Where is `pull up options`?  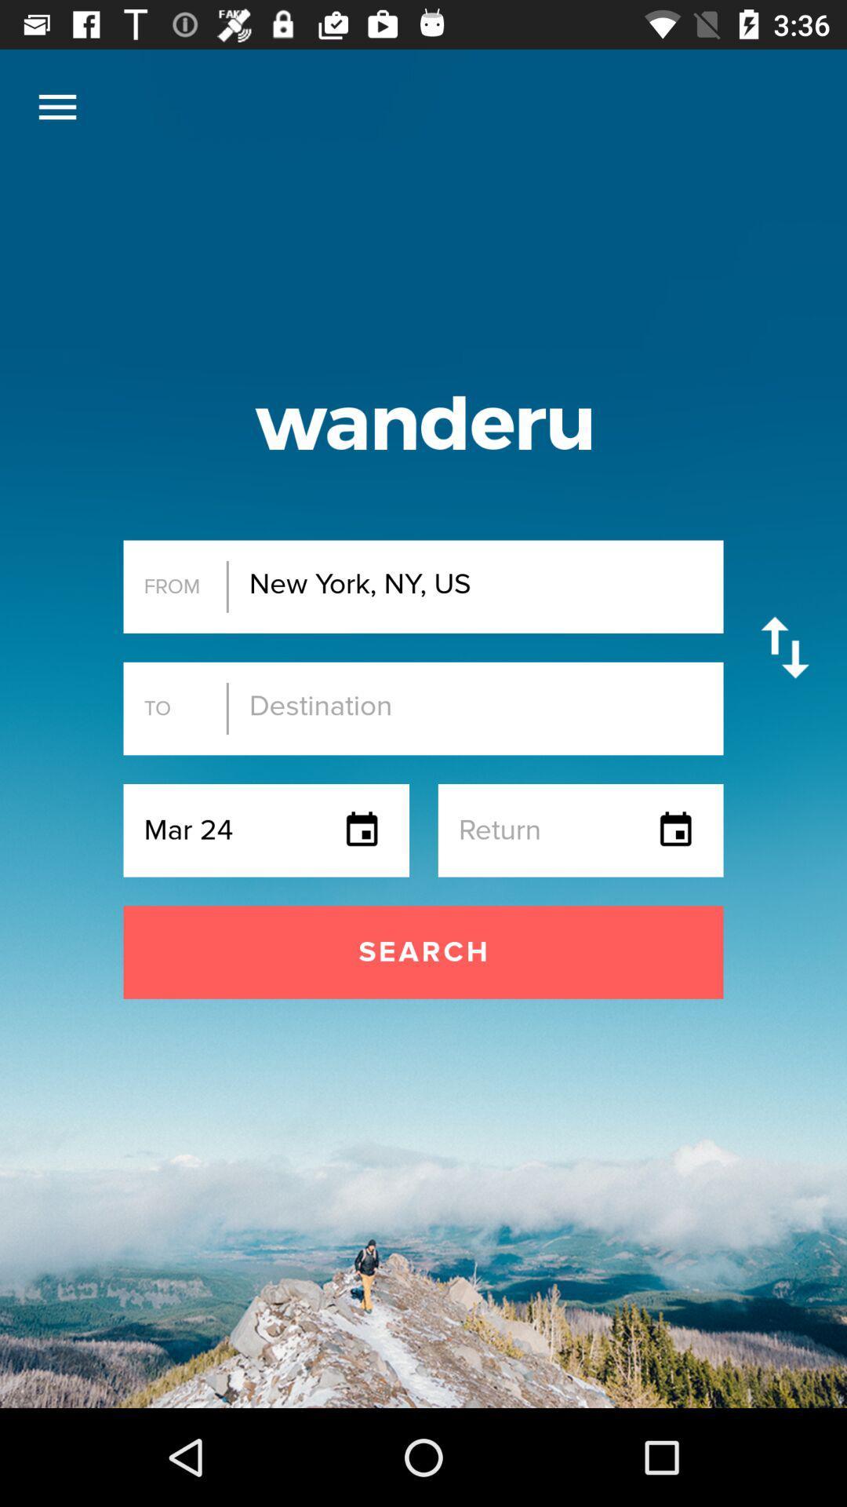 pull up options is located at coordinates (56, 106).